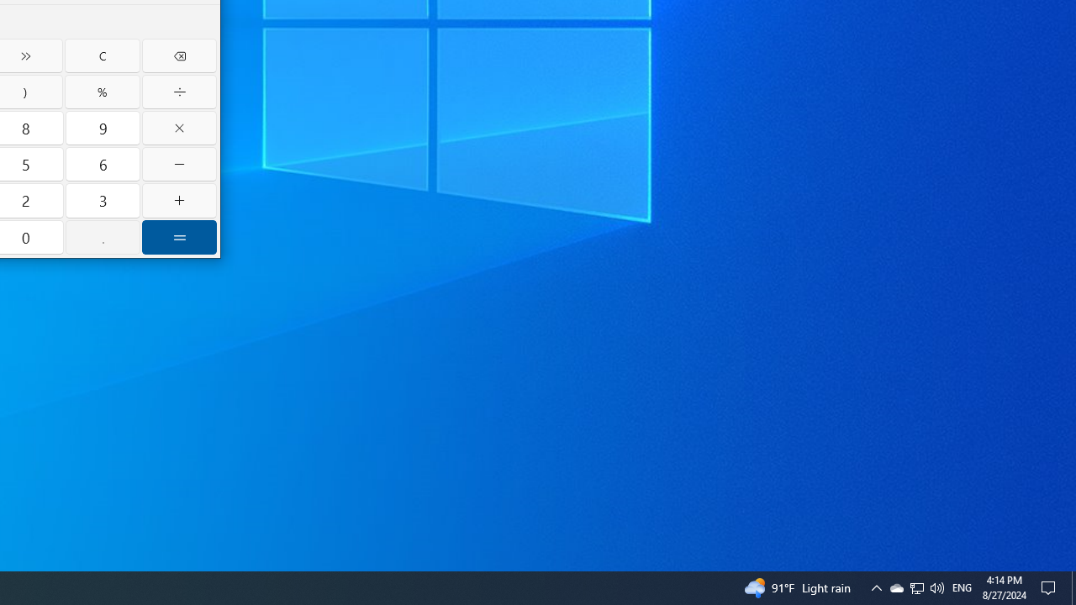 The width and height of the screenshot is (1076, 605). What do you see at coordinates (179, 164) in the screenshot?
I see `'Minus'` at bounding box center [179, 164].